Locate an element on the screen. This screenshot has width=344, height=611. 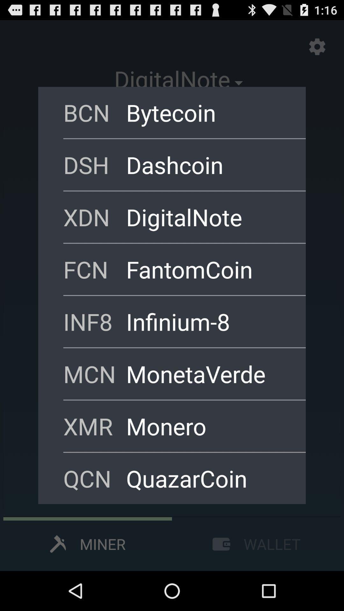
app next to dsh is located at coordinates (207, 165).